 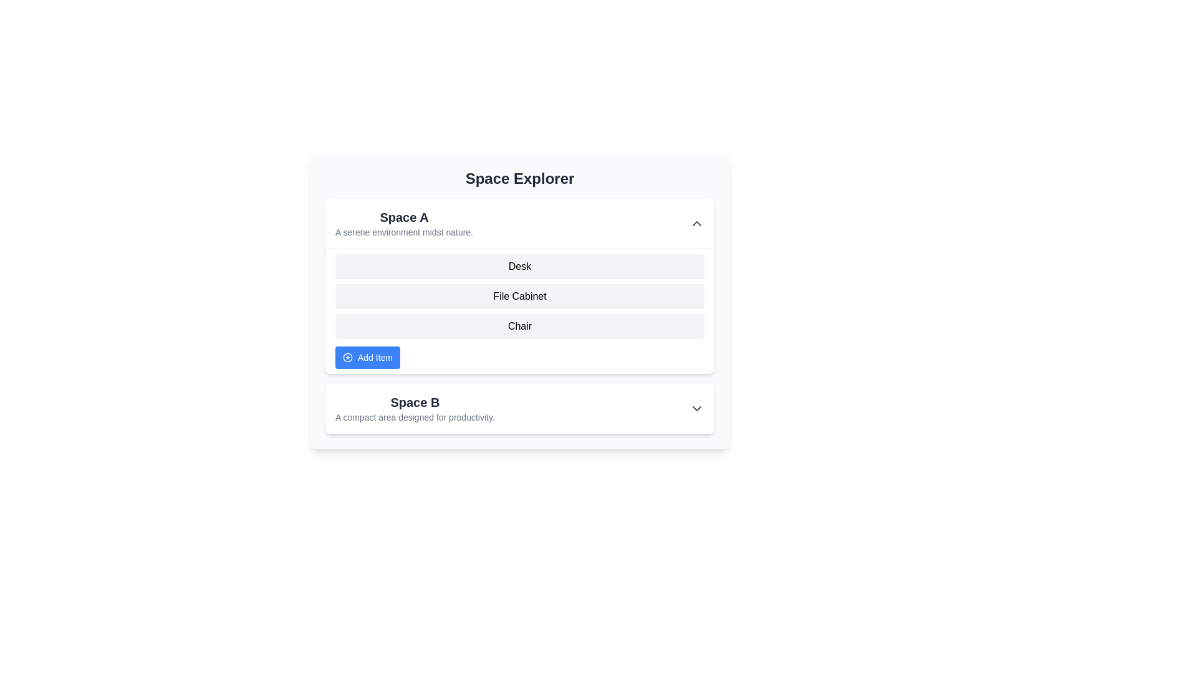 What do you see at coordinates (520, 296) in the screenshot?
I see `the vertically arranged list of items labeled 'Desk', 'File Cabinet', and 'Chair' which is positioned beneath the 'Space A' heading and above the 'Add Item' button` at bounding box center [520, 296].